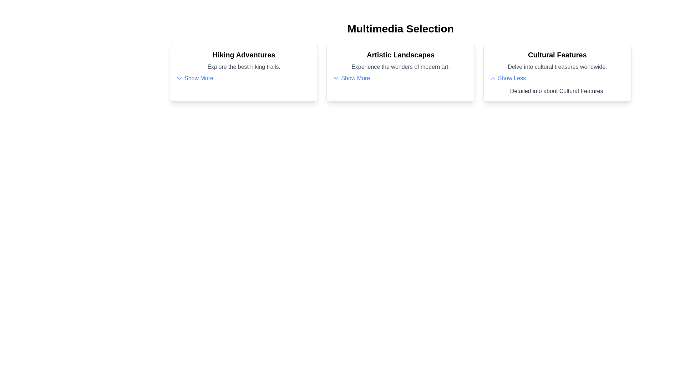 Image resolution: width=685 pixels, height=385 pixels. What do you see at coordinates (244, 55) in the screenshot?
I see `the text content of the card titled Hiking Adventures` at bounding box center [244, 55].